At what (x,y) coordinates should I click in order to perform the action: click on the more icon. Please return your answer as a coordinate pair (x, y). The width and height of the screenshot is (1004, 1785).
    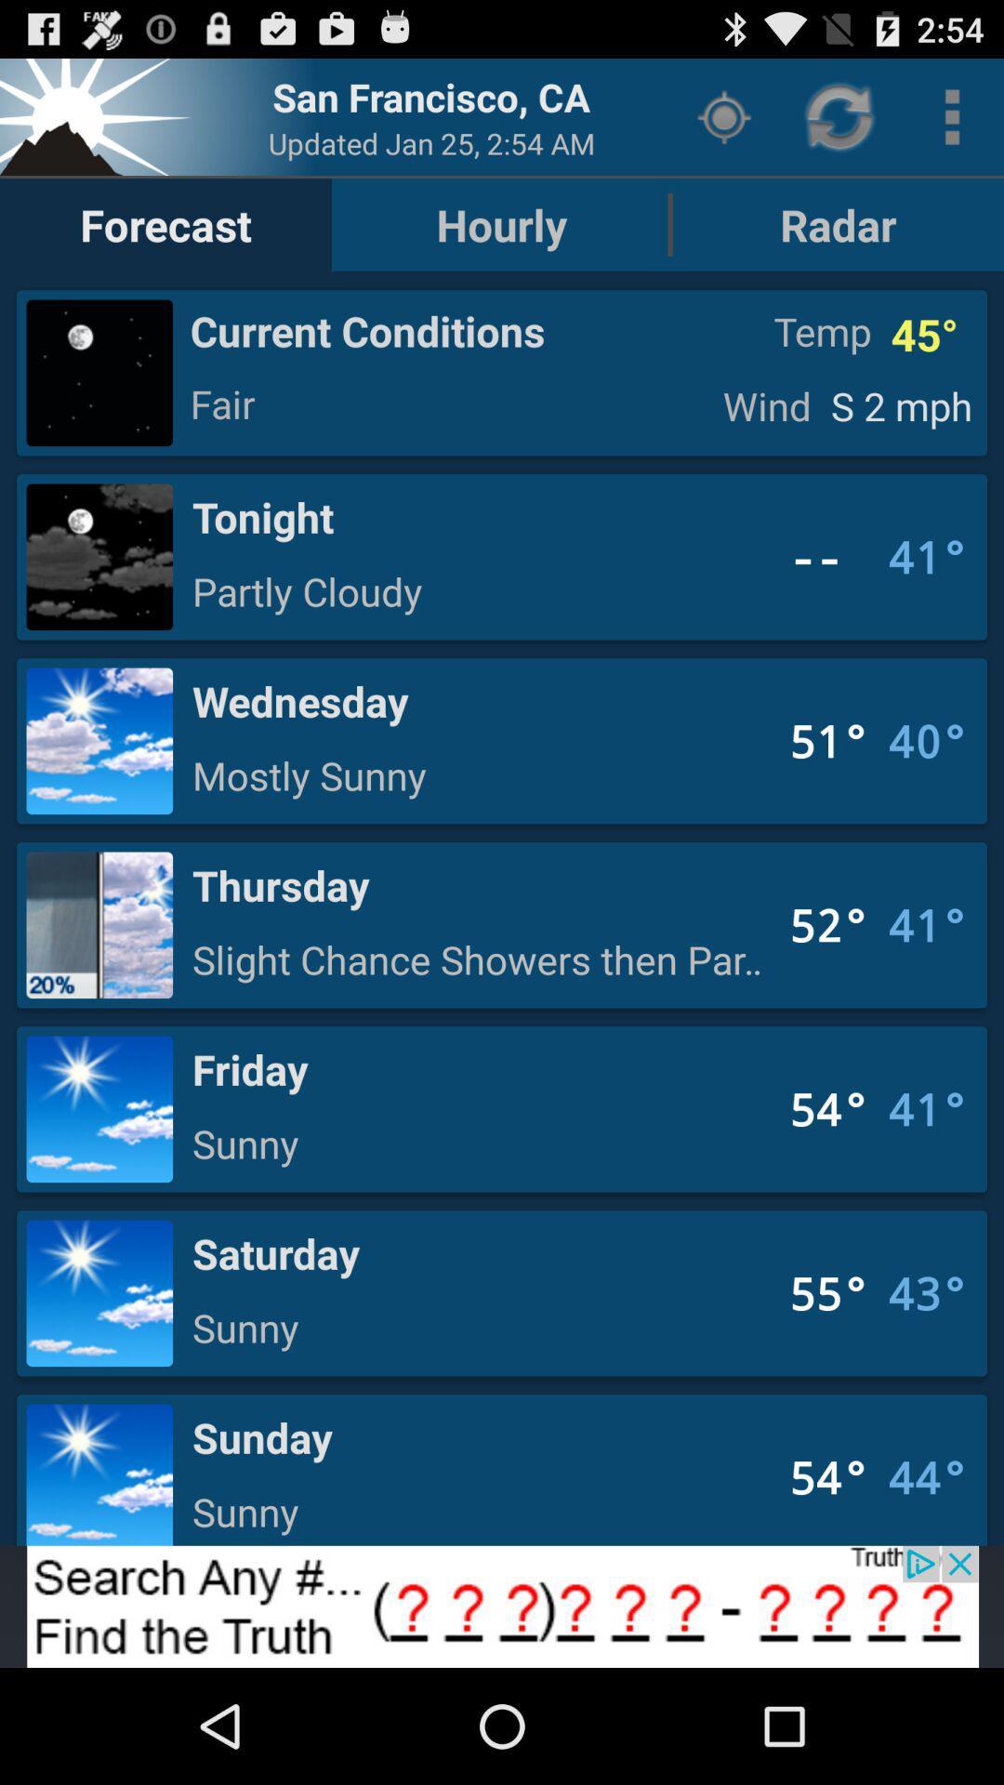
    Looking at the image, I should click on (952, 124).